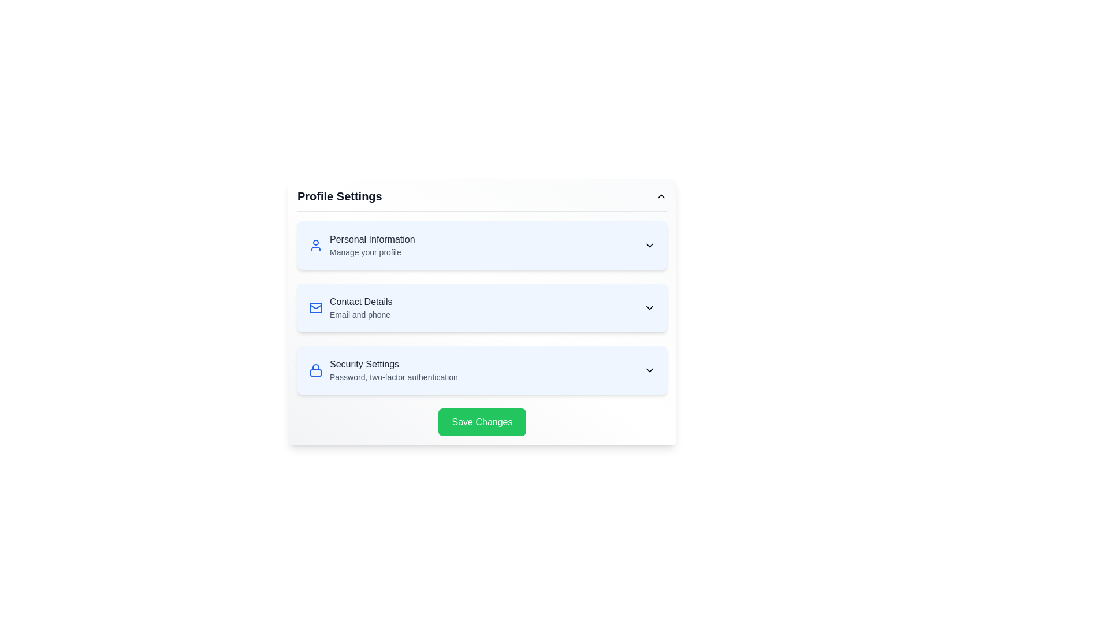 This screenshot has height=624, width=1109. What do you see at coordinates (361, 244) in the screenshot?
I see `the 'Personal Information' section header, which includes an icon and descriptive text, located directly above 'Contact Details' and 'Security Settings' in the 'Profile Settings'` at bounding box center [361, 244].